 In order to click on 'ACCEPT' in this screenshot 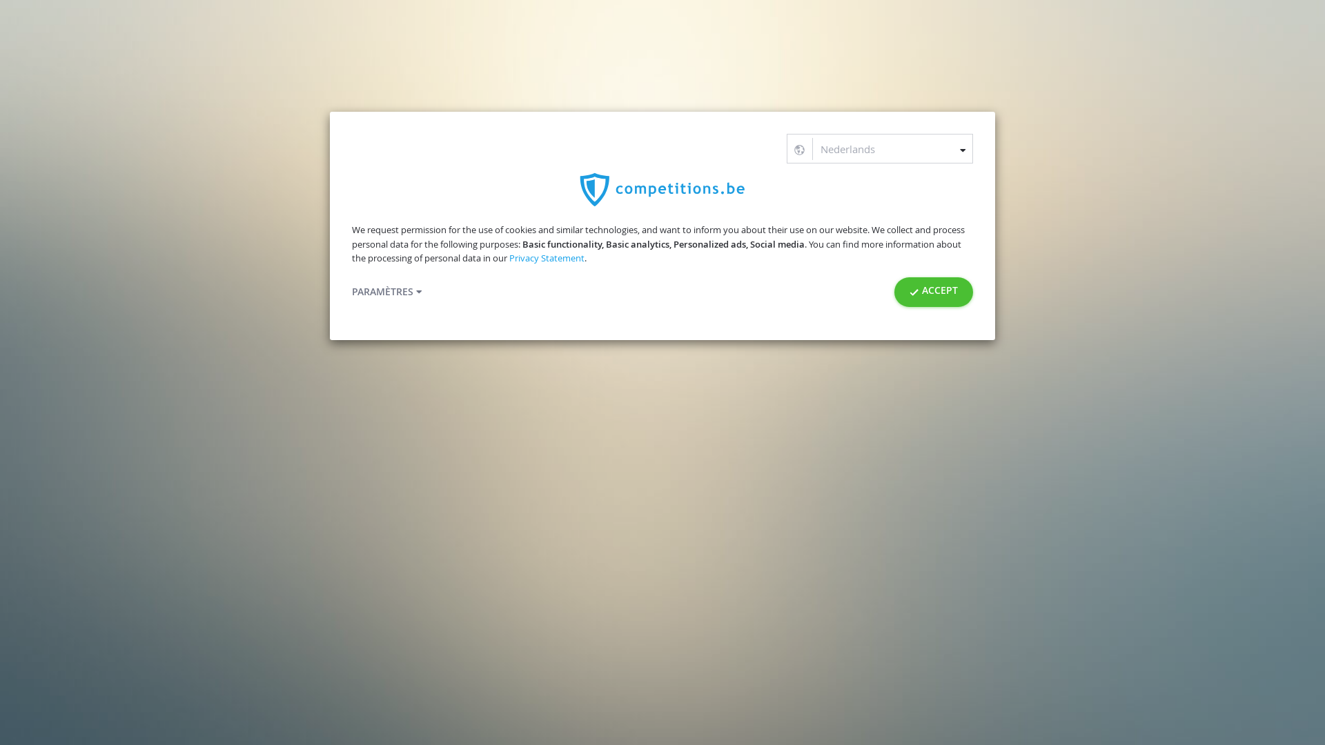, I will do `click(934, 291)`.